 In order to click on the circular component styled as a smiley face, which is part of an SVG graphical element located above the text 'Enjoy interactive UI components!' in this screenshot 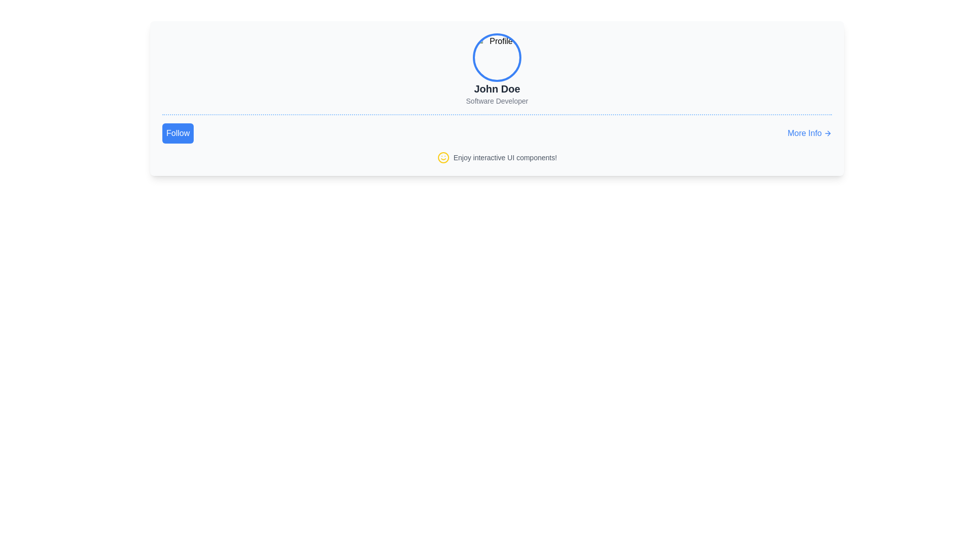, I will do `click(443, 158)`.